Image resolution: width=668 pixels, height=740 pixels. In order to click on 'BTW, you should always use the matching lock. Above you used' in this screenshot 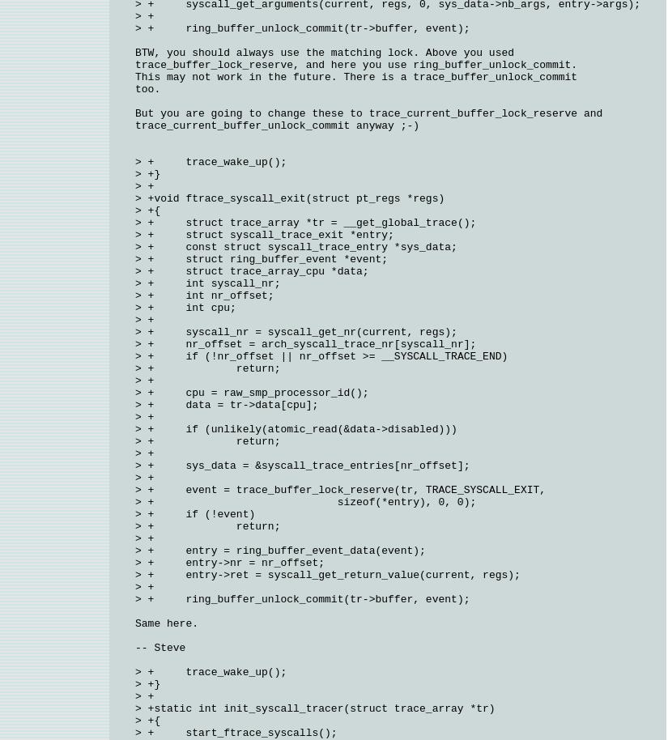, I will do `click(326, 52)`.